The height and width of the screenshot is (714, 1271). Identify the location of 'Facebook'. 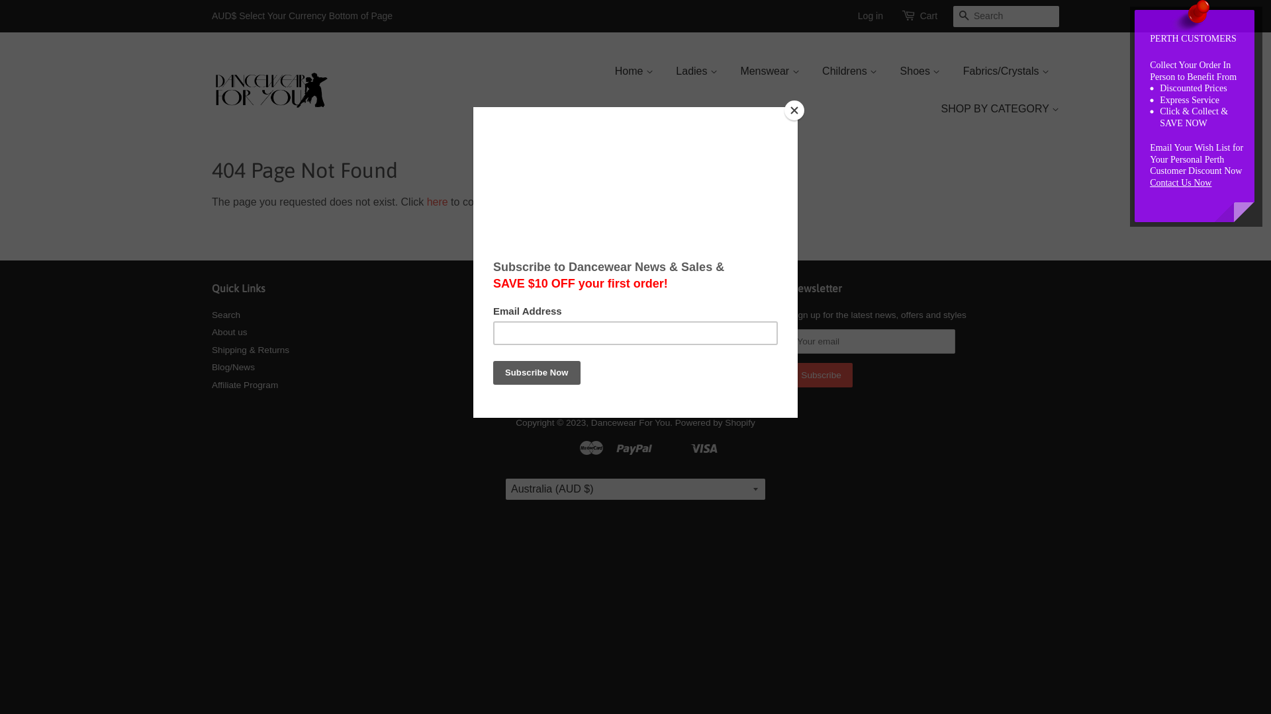
(532, 318).